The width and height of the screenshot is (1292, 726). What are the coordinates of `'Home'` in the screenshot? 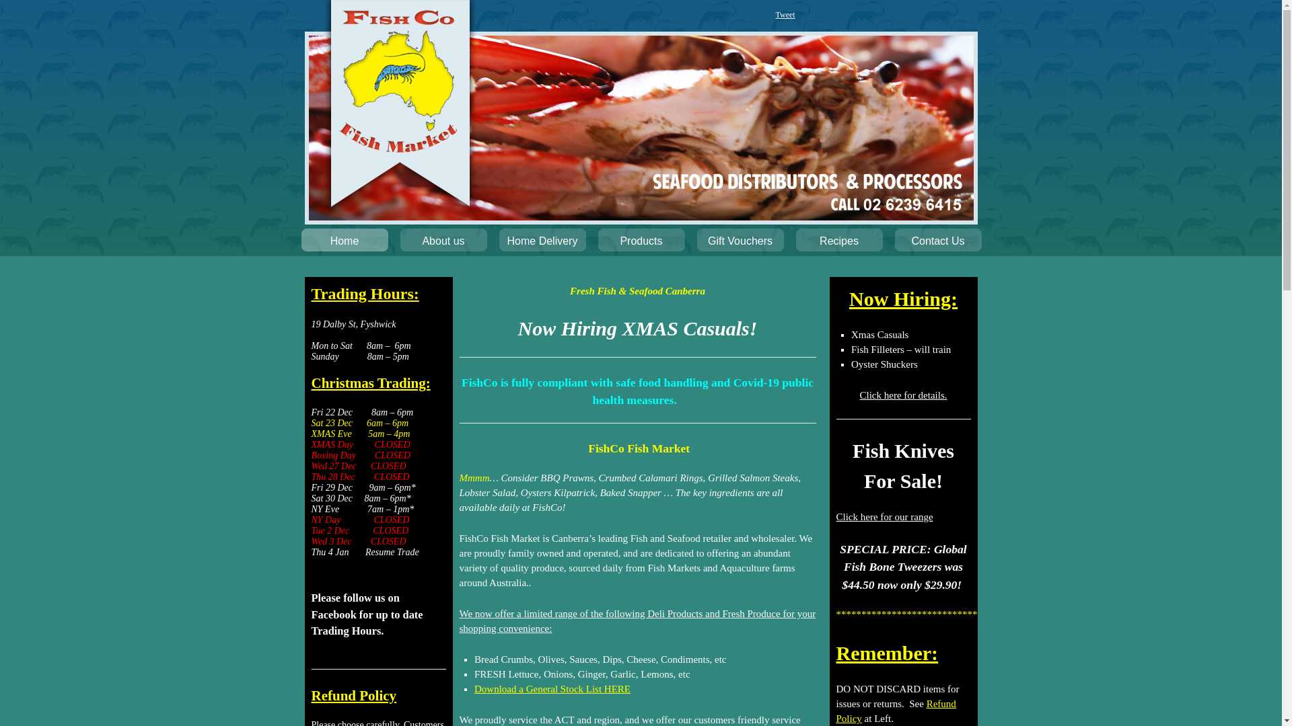 It's located at (344, 243).